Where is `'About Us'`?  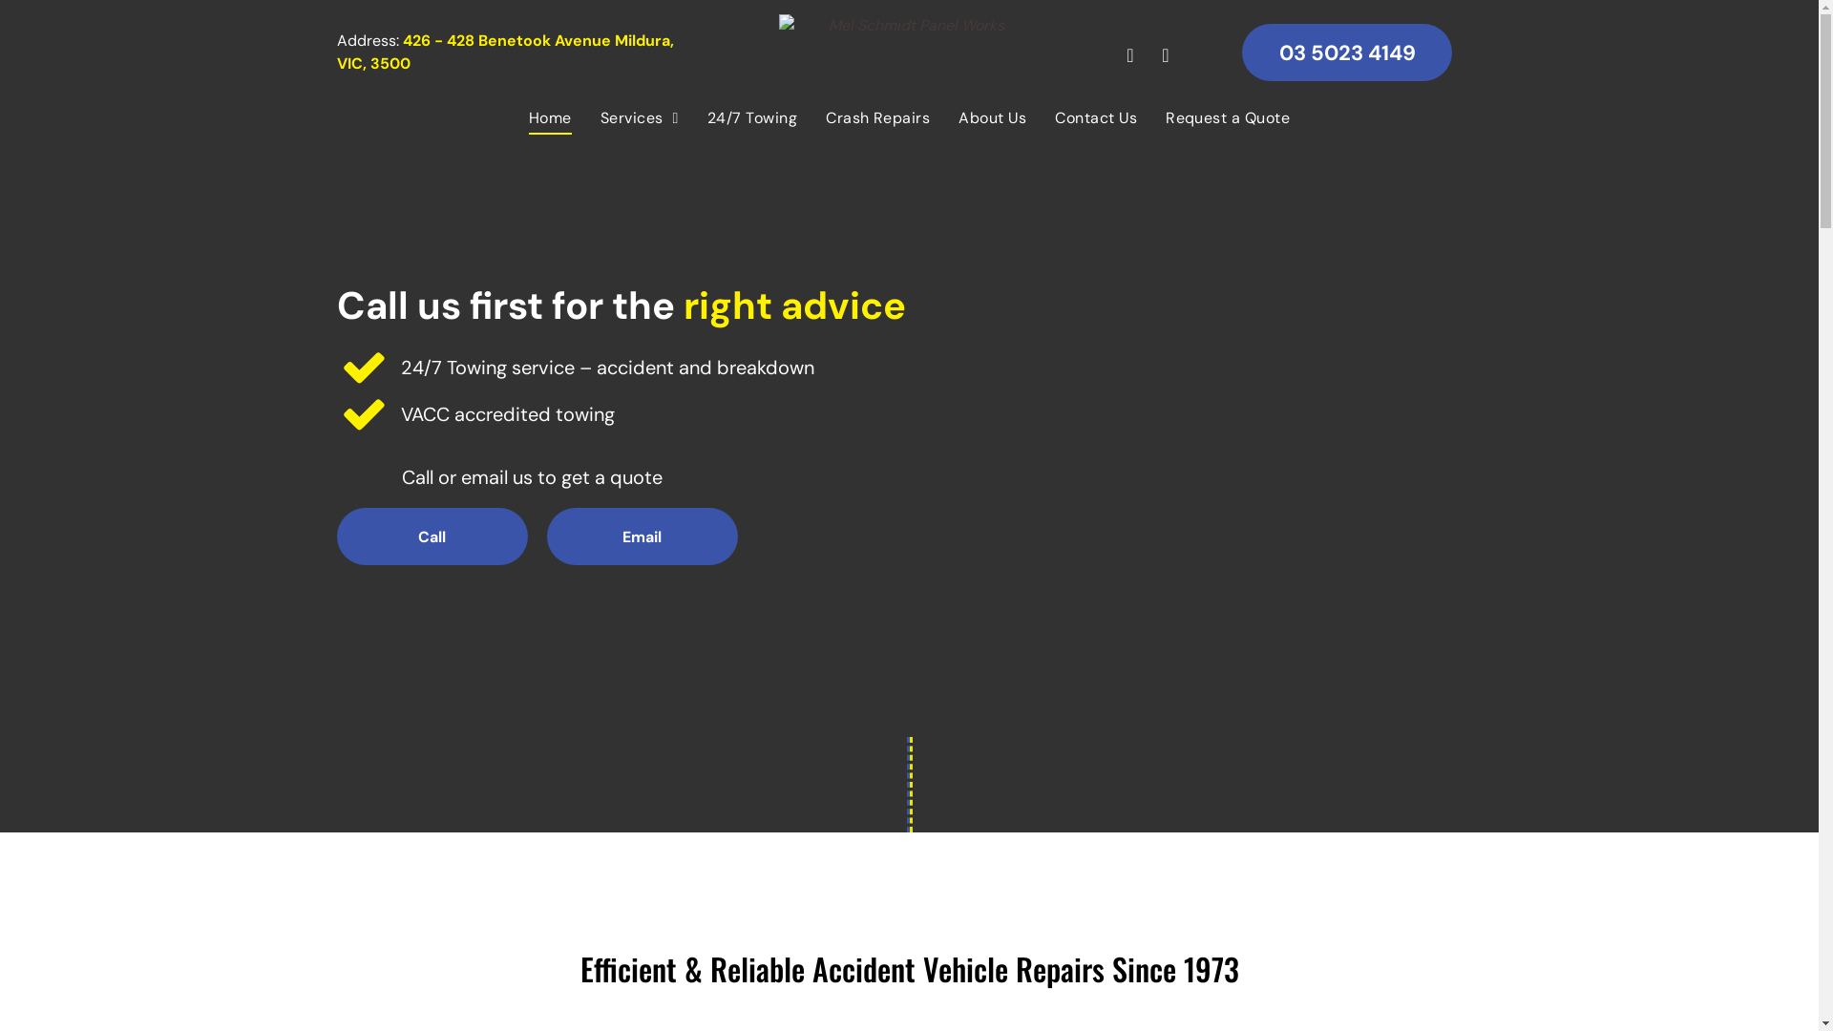 'About Us' is located at coordinates (992, 117).